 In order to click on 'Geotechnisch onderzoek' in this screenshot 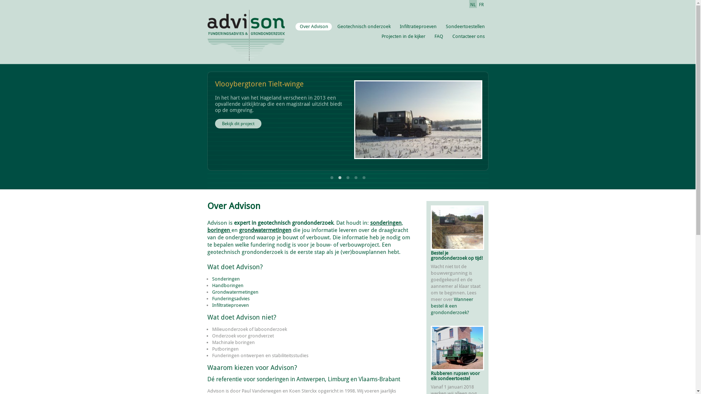, I will do `click(333, 26)`.